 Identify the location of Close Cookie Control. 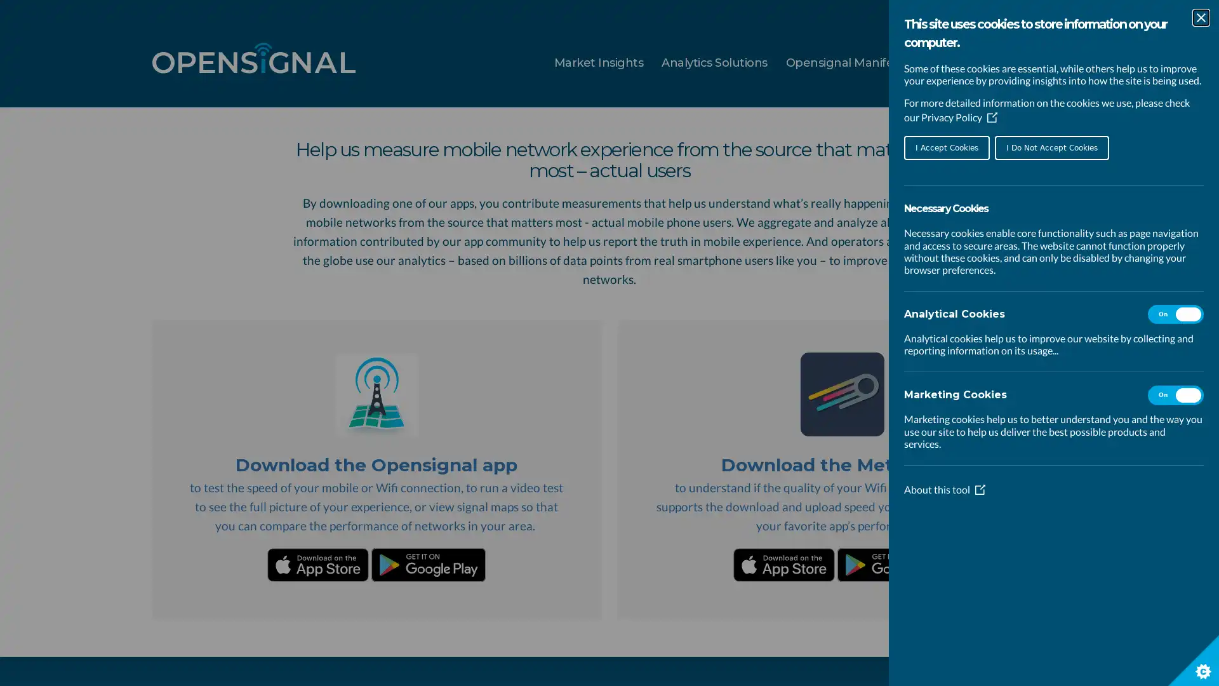
(1200, 17).